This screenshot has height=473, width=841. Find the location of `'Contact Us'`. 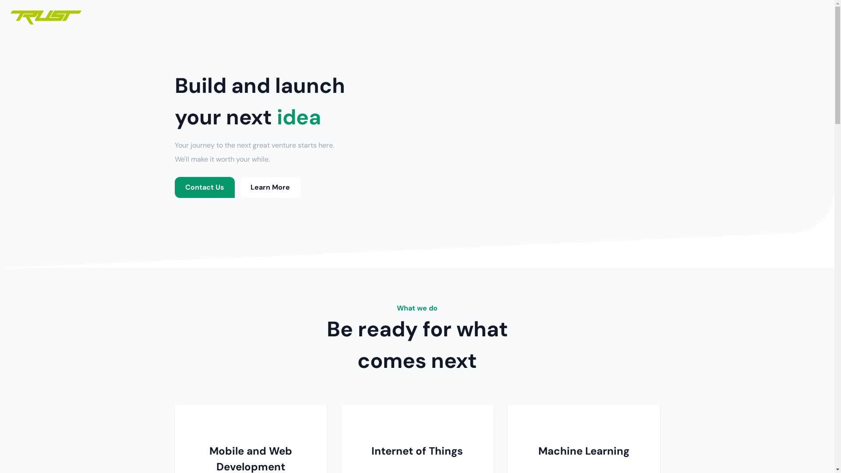

'Contact Us' is located at coordinates (204, 187).